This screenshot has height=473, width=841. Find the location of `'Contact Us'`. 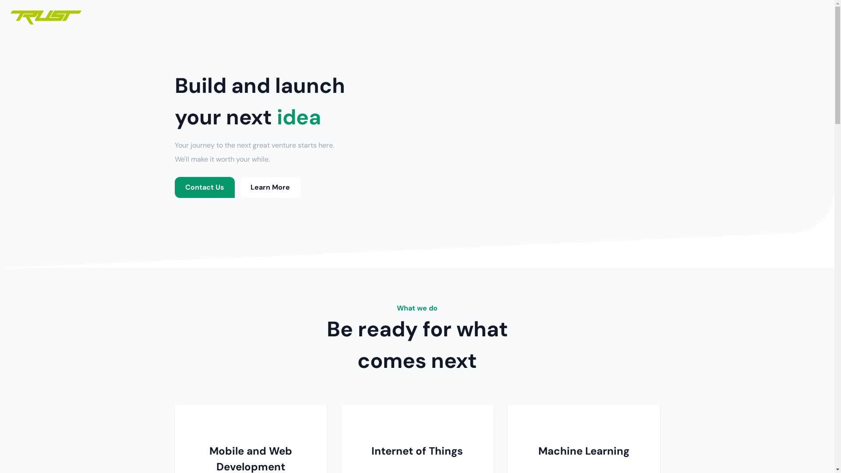

'Contact Us' is located at coordinates (204, 187).